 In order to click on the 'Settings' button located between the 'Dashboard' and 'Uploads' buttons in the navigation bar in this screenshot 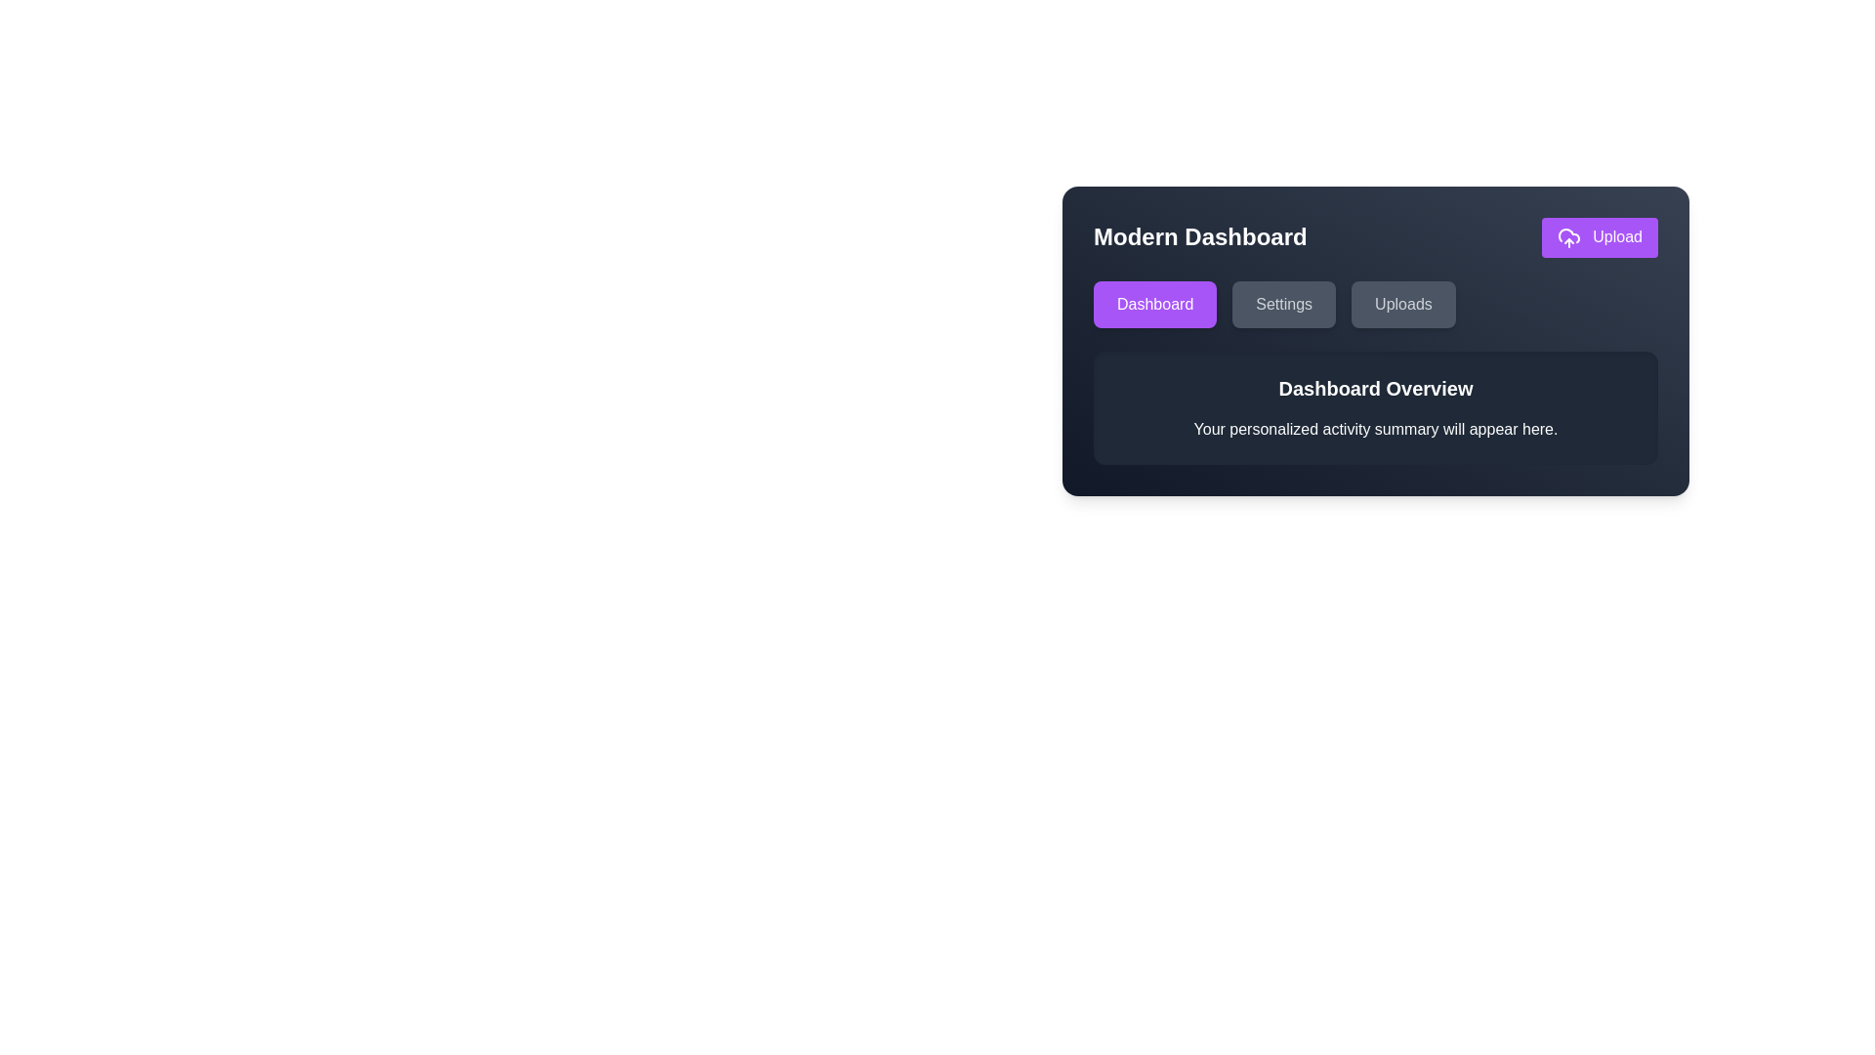, I will do `click(1284, 304)`.